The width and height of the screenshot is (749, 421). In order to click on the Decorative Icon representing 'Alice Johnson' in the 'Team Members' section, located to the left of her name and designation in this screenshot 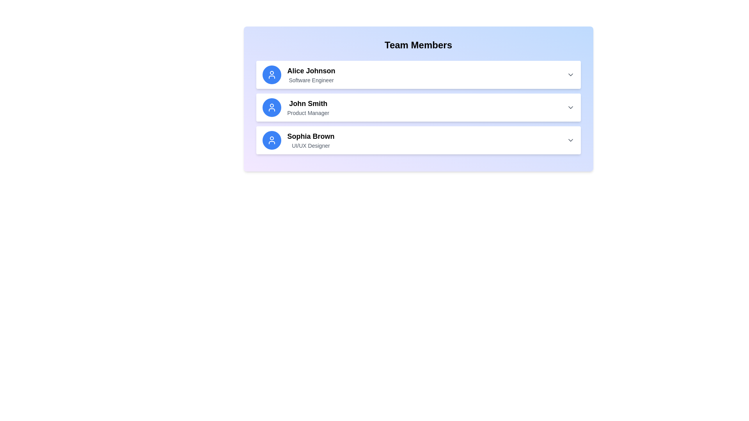, I will do `click(272, 75)`.